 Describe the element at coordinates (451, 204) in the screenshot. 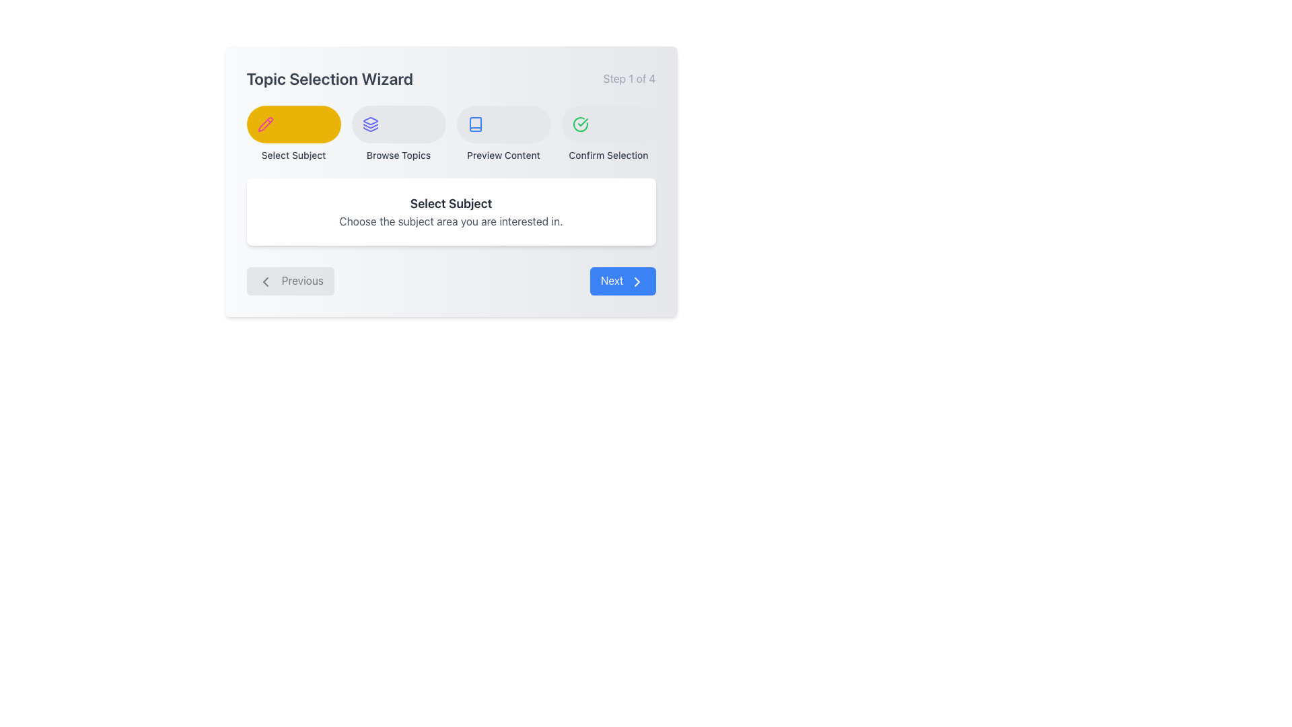

I see `the 'Select Subject' text label, which is a bold, gray-colored font positioned above the description text in the center section of the interface` at that location.